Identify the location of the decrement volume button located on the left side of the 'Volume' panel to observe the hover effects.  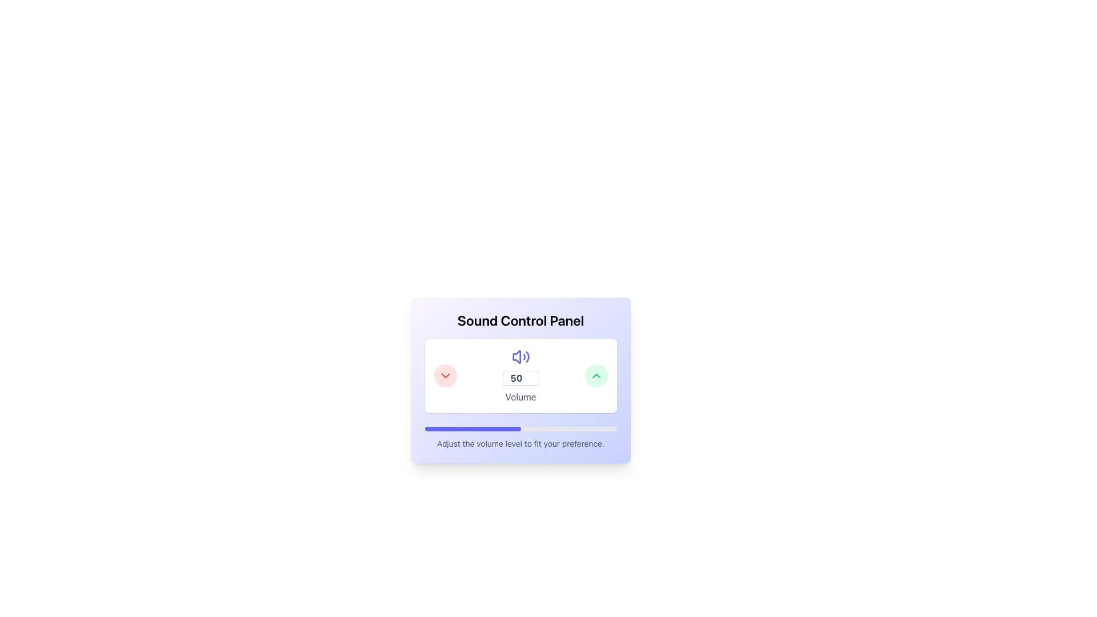
(445, 376).